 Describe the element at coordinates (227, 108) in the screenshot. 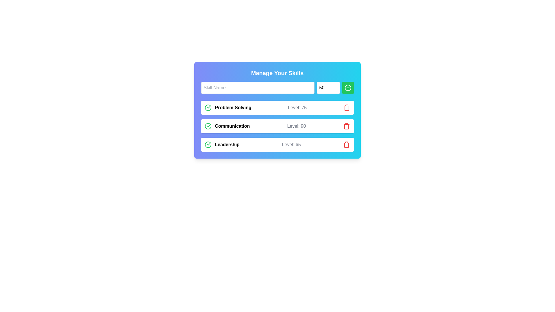

I see `the 'Problem Solving' text label with the green circular checkmark icon through accessibility navigation` at that location.